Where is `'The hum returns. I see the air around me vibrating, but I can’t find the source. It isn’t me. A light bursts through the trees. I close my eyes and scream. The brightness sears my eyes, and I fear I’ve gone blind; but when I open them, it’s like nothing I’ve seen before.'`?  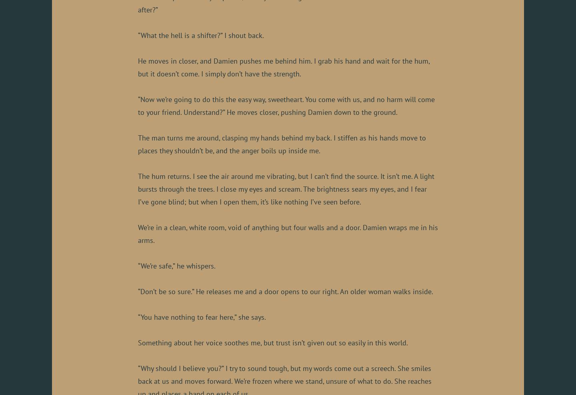
'The hum returns. I see the air around me vibrating, but I can’t find the source. It isn’t me. A light bursts through the trees. I close my eyes and scream. The brightness sears my eyes, and I fear I’ve gone blind; but when I open them, it’s like nothing I’ve seen before.' is located at coordinates (286, 188).